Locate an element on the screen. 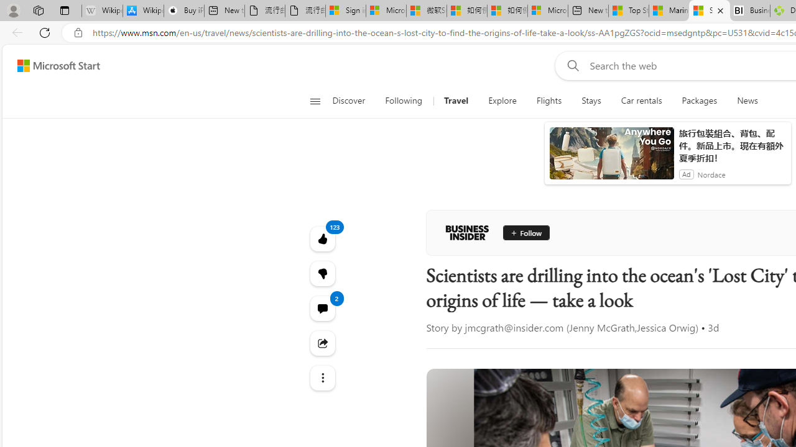 This screenshot has width=796, height=447. 'Packages' is located at coordinates (700, 101).